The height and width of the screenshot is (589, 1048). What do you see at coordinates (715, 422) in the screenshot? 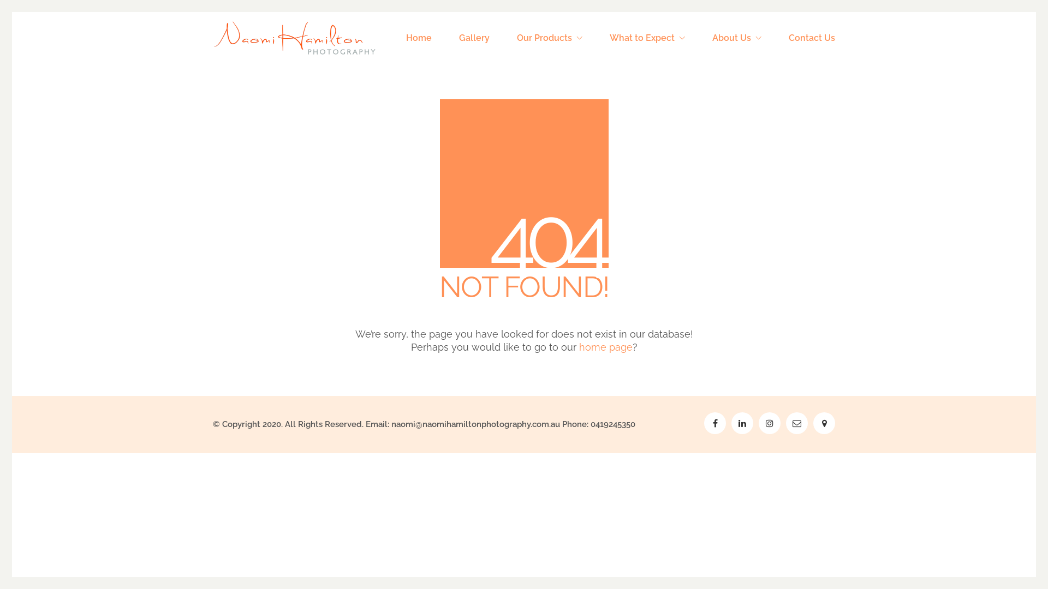
I see `'Facebook'` at bounding box center [715, 422].